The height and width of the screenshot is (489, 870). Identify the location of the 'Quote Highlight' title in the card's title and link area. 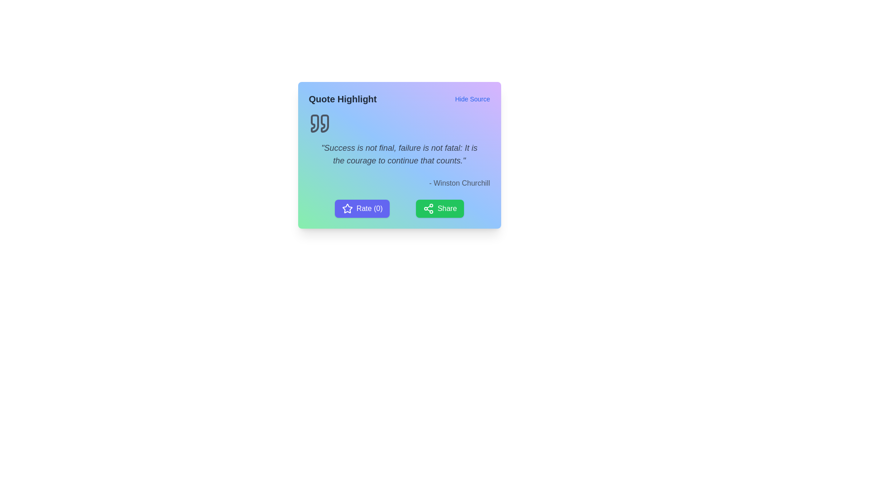
(399, 99).